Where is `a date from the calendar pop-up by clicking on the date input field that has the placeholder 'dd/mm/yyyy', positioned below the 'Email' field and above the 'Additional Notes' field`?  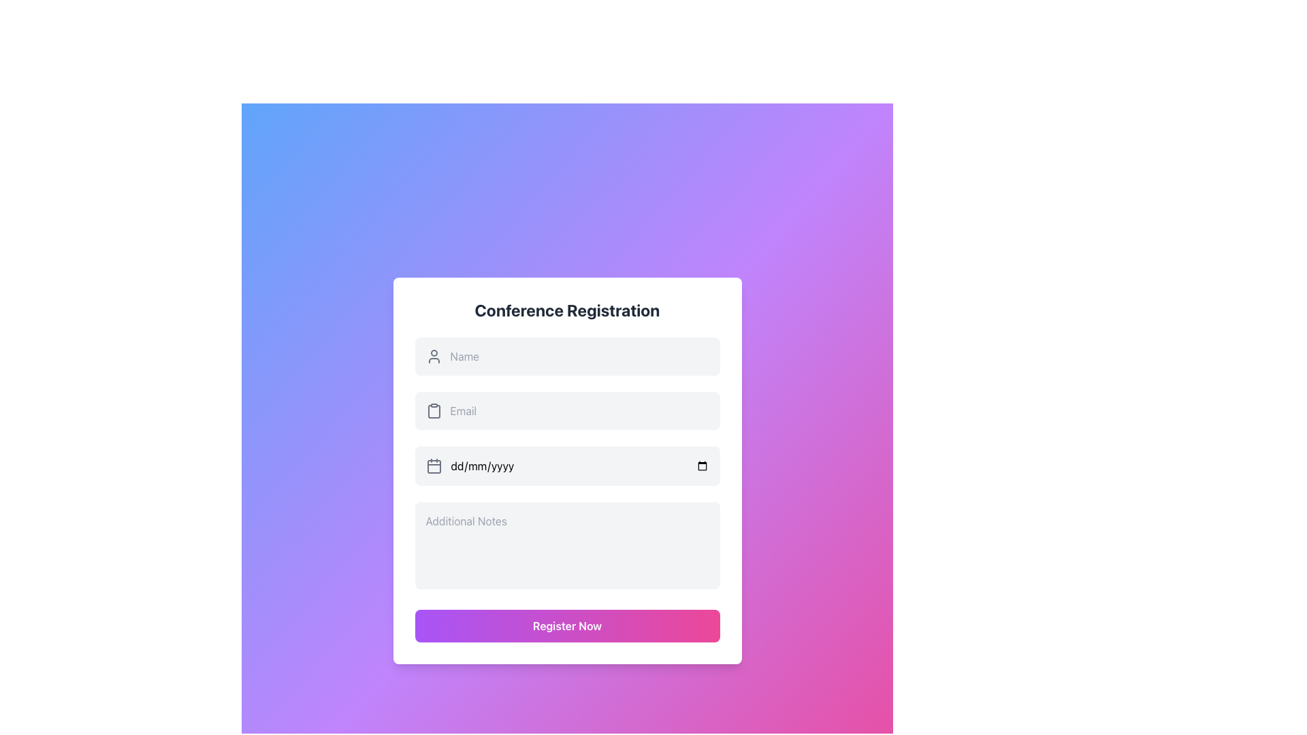
a date from the calendar pop-up by clicking on the date input field that has the placeholder 'dd/mm/yyyy', positioned below the 'Email' field and above the 'Additional Notes' field is located at coordinates (579, 465).